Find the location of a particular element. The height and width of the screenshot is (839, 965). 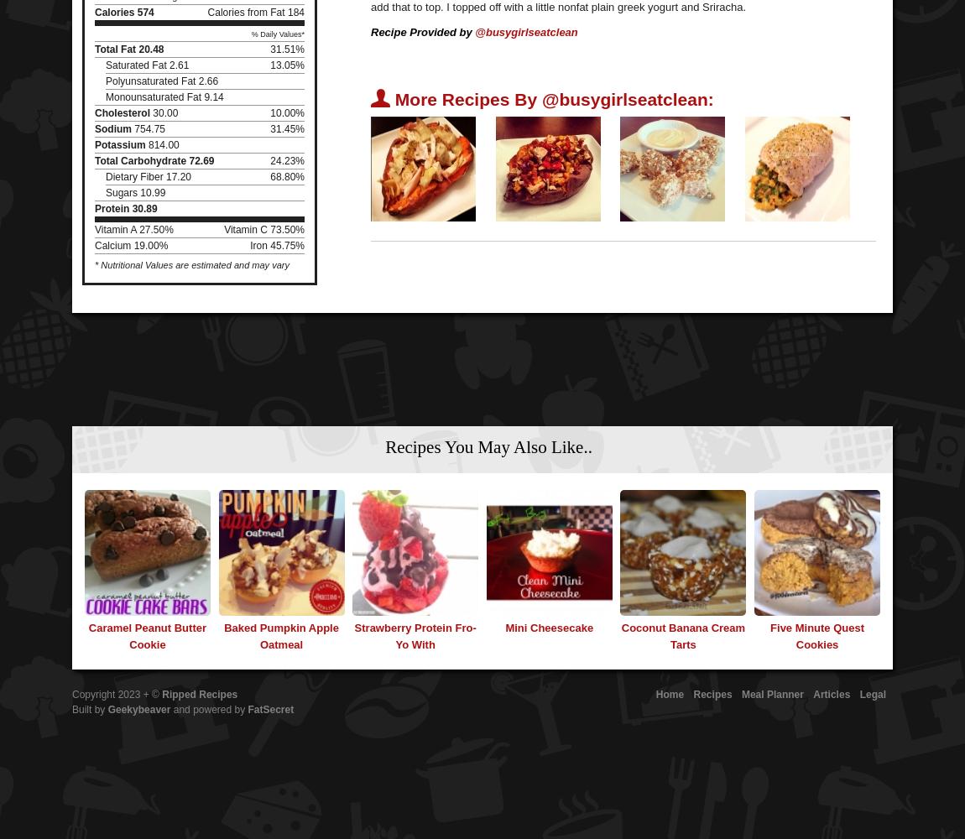

'Recipe Provided by' is located at coordinates (370, 32).